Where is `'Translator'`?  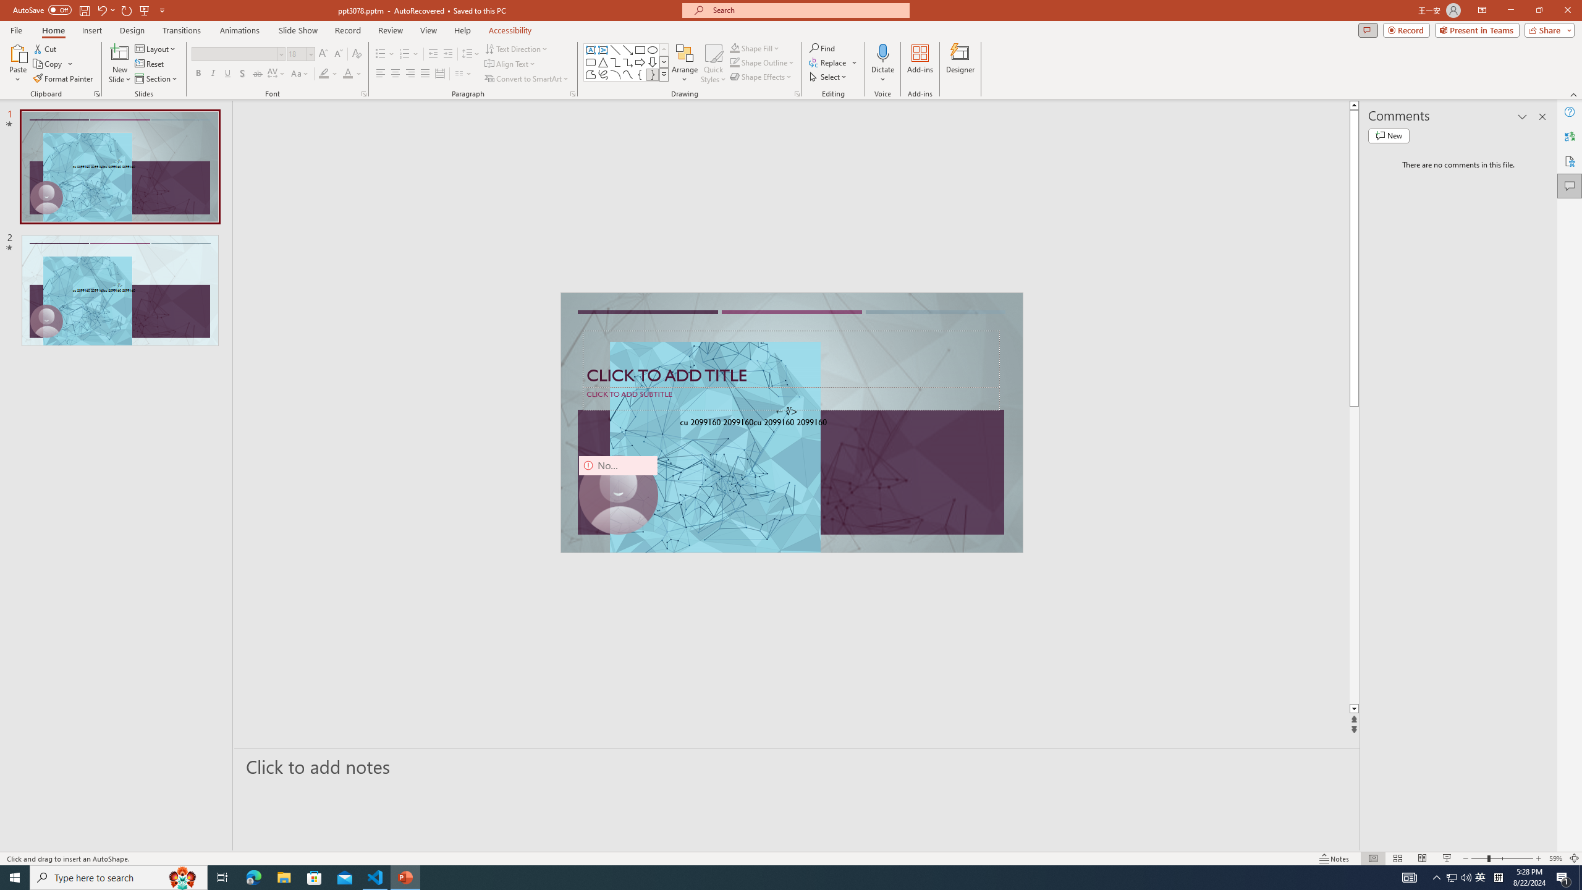
'Translator' is located at coordinates (1569, 137).